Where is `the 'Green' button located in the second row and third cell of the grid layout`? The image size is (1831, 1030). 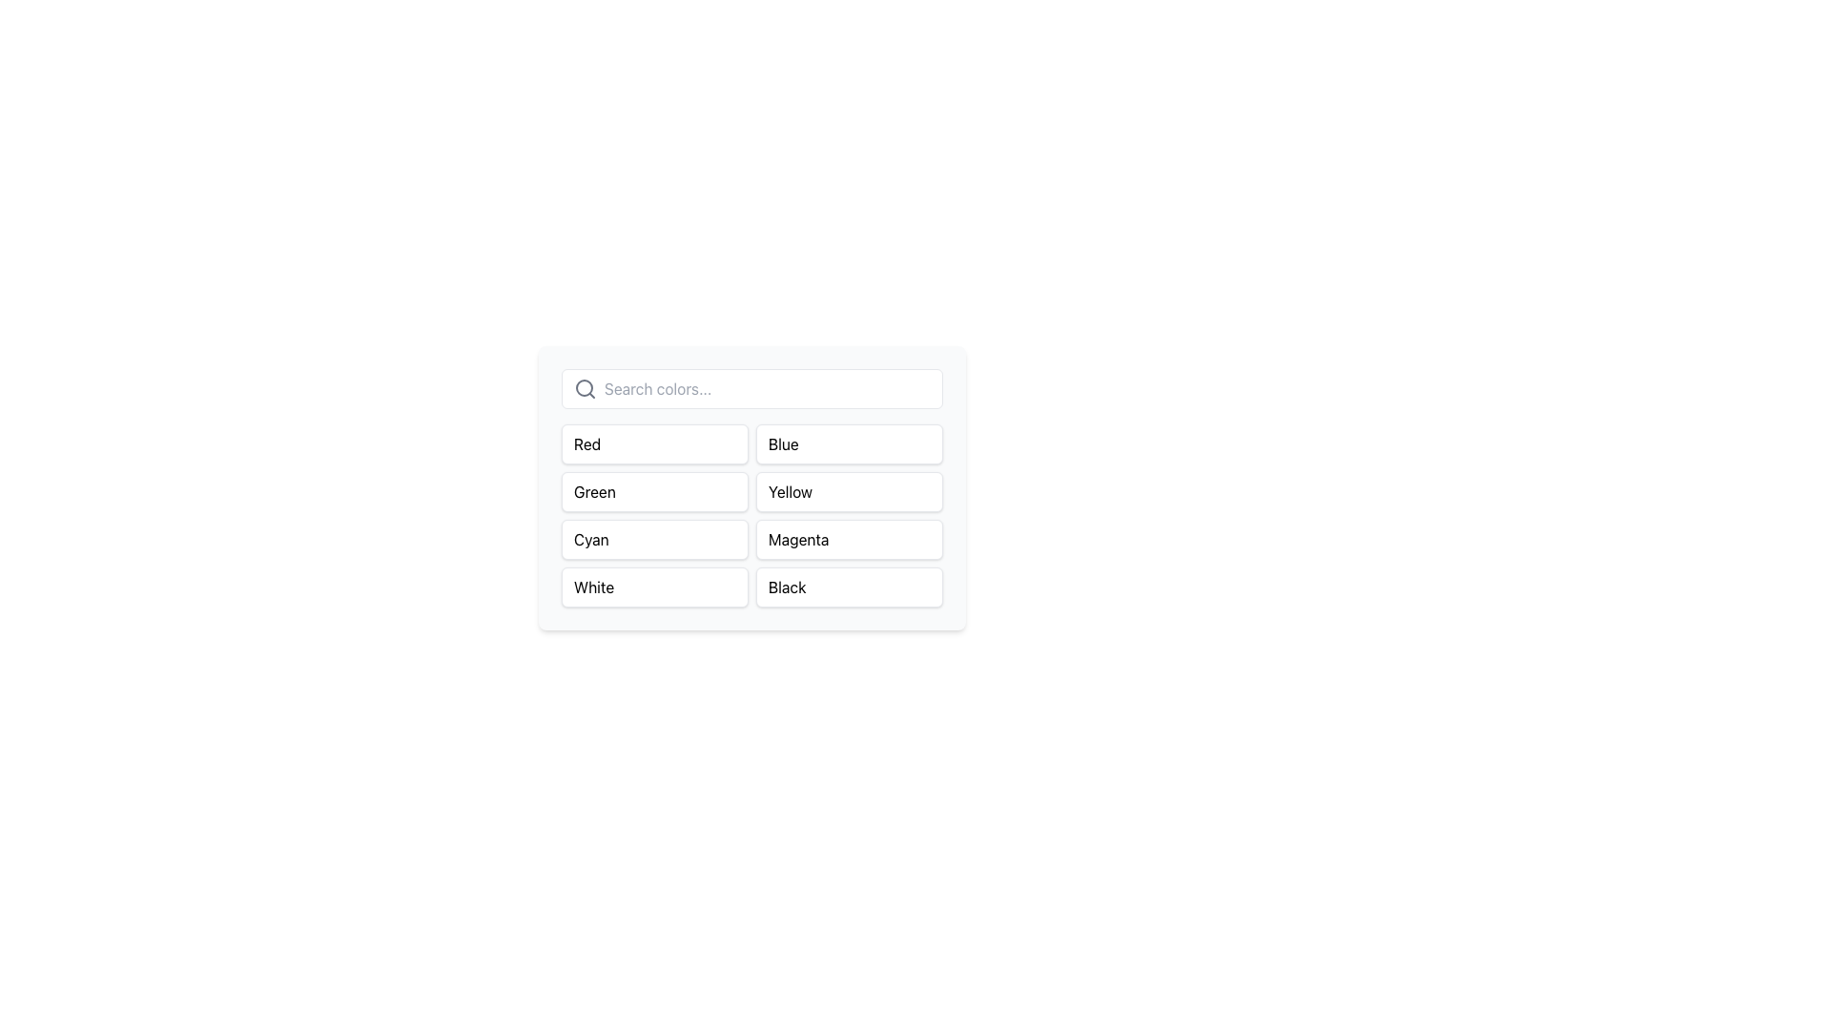
the 'Green' button located in the second row and third cell of the grid layout is located at coordinates (654, 491).